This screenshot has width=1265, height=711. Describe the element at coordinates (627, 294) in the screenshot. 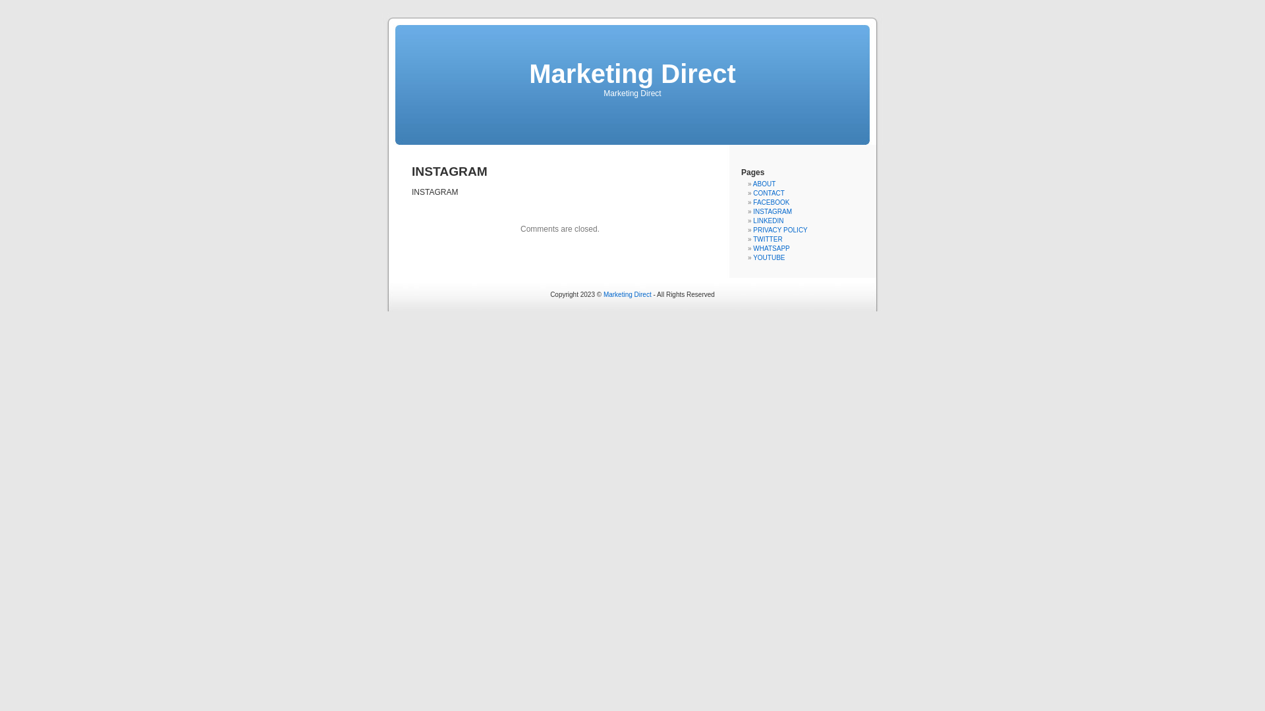

I see `'Marketing Direct'` at that location.